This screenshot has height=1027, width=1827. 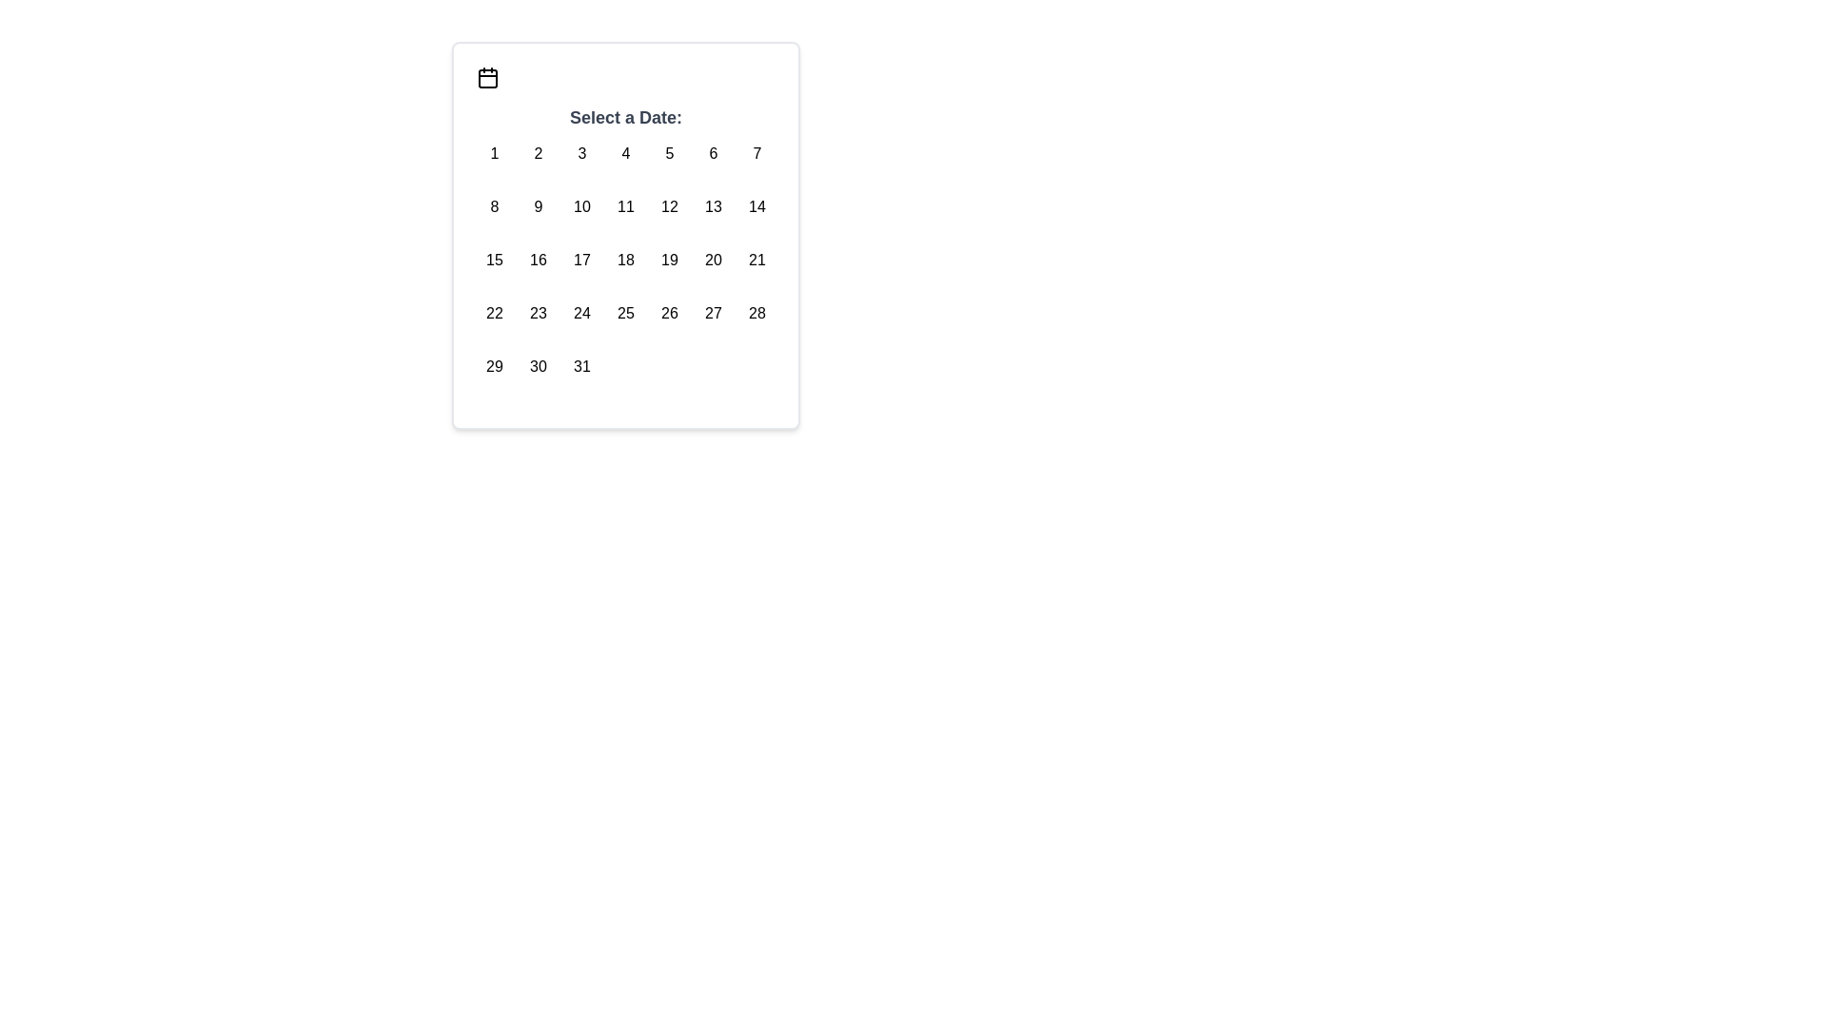 I want to click on the selectable dates in the calendar selector, so click(x=625, y=234).